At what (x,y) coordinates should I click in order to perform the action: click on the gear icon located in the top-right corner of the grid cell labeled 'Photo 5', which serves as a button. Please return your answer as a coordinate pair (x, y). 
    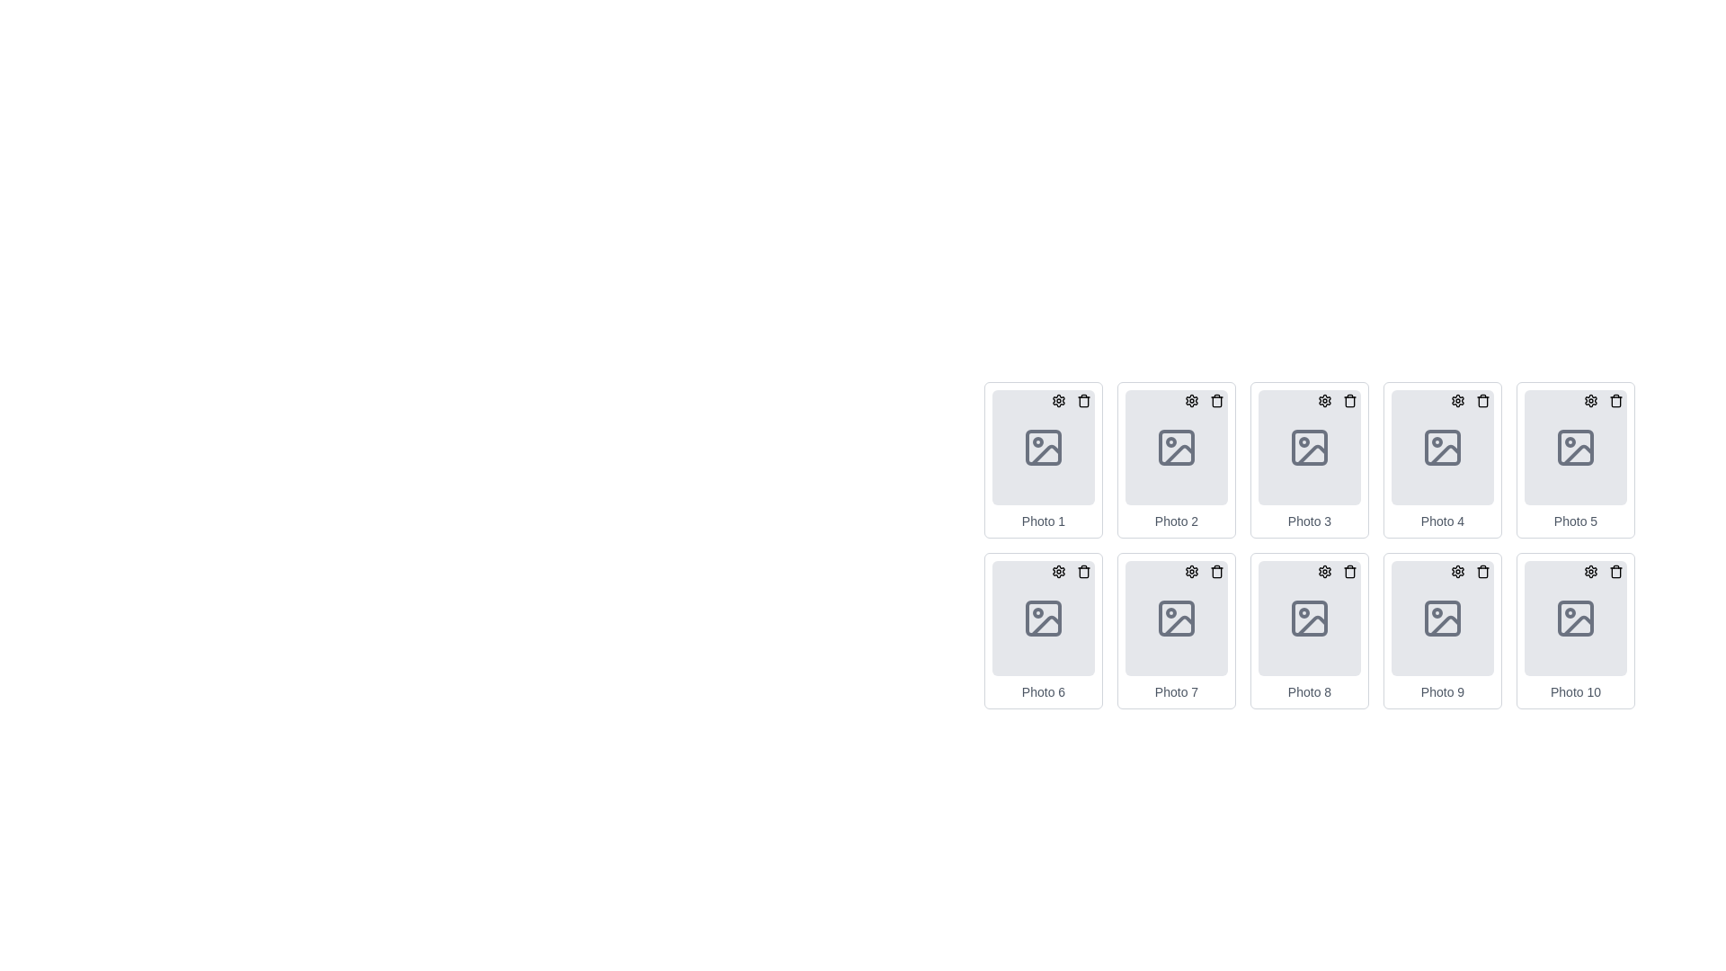
    Looking at the image, I should click on (1591, 400).